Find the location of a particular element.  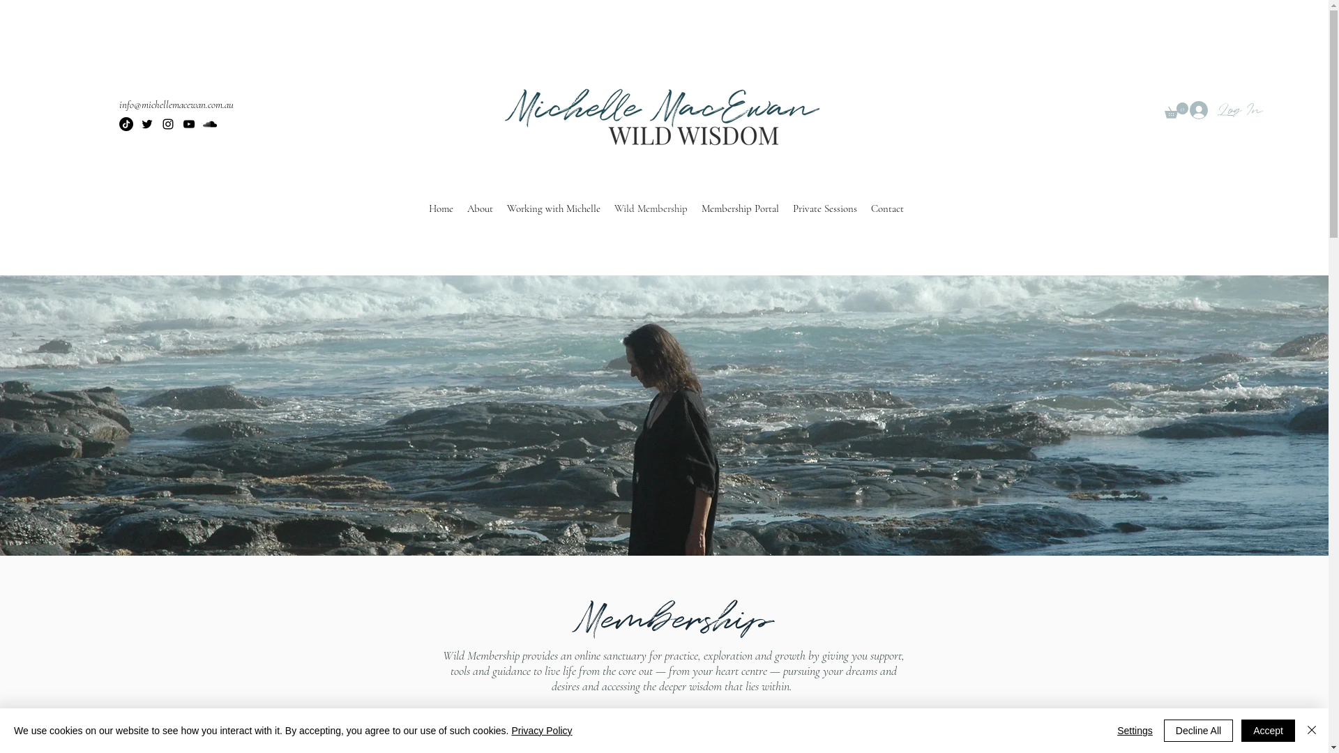

'Working with Michelle' is located at coordinates (552, 208).